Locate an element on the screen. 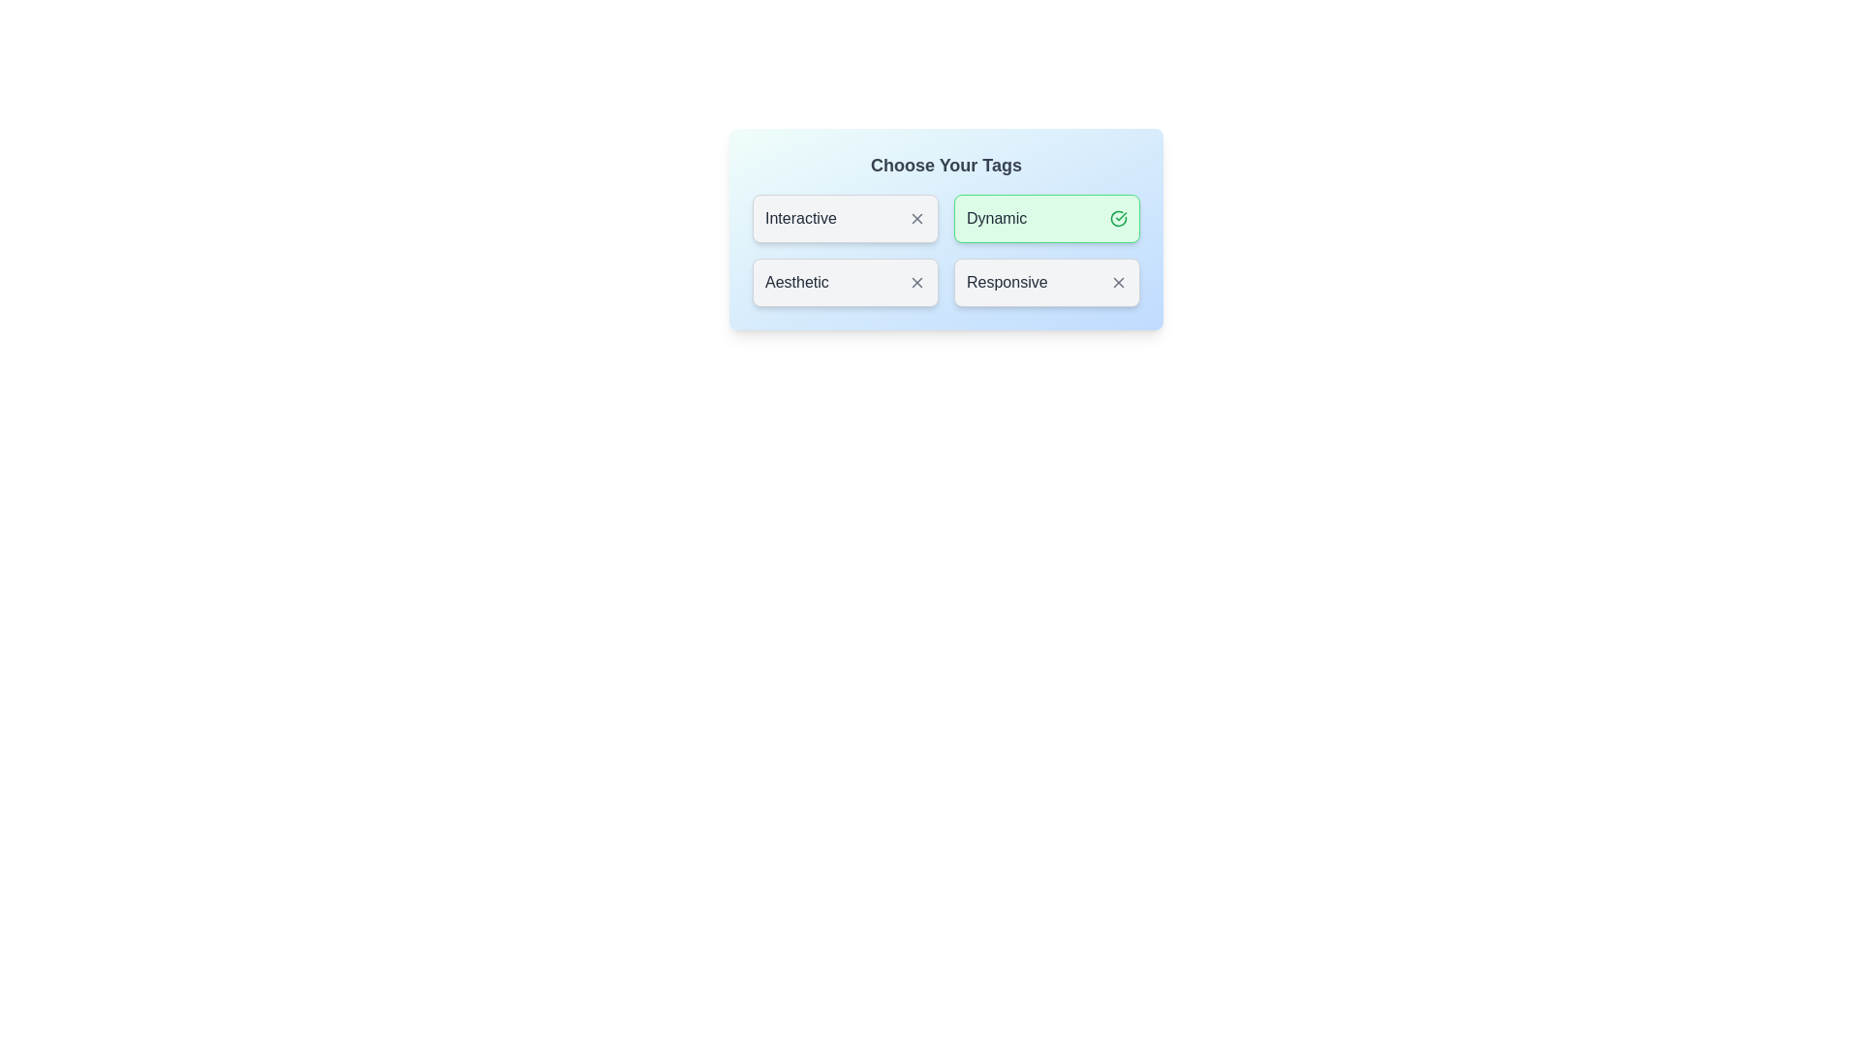 The image size is (1860, 1046). the tag labeled Aesthetic to observe the scale effect is located at coordinates (846, 283).